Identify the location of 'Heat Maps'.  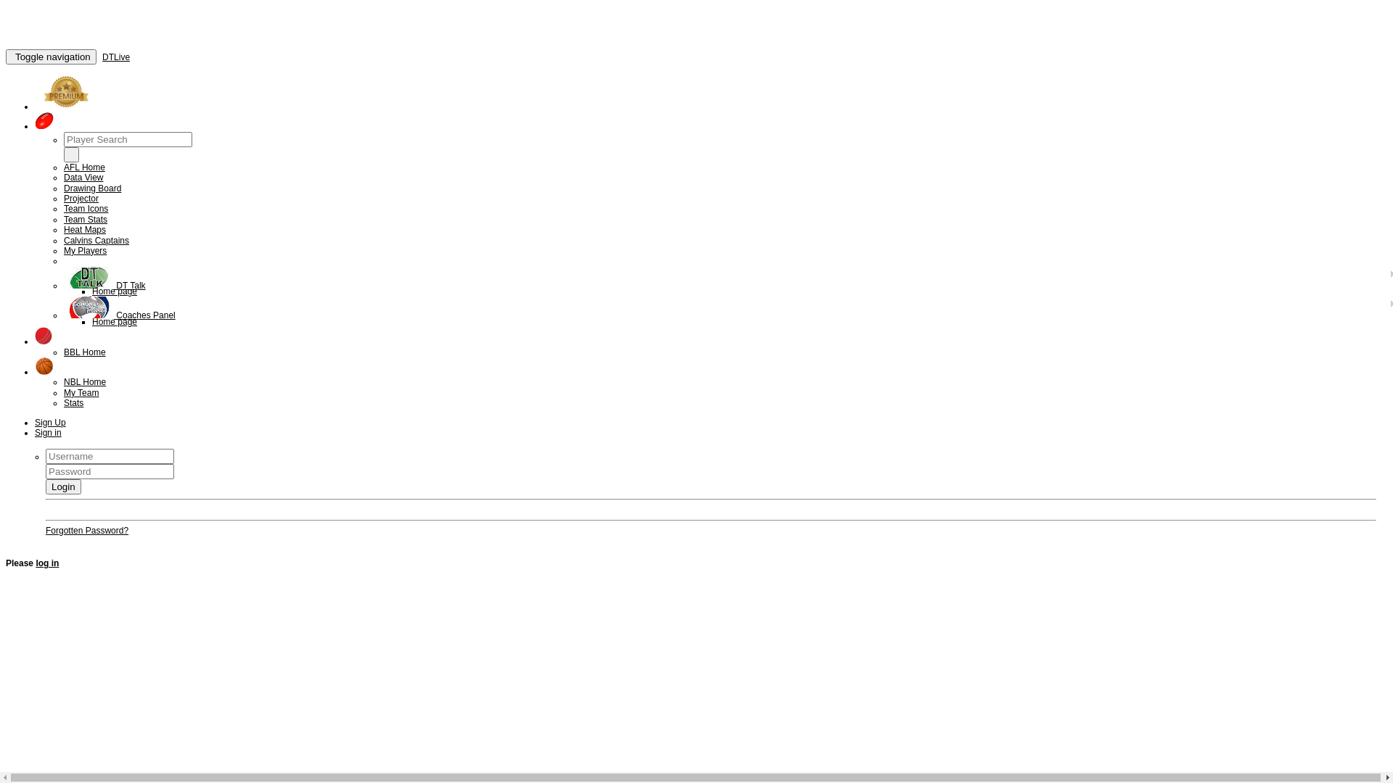
(83, 228).